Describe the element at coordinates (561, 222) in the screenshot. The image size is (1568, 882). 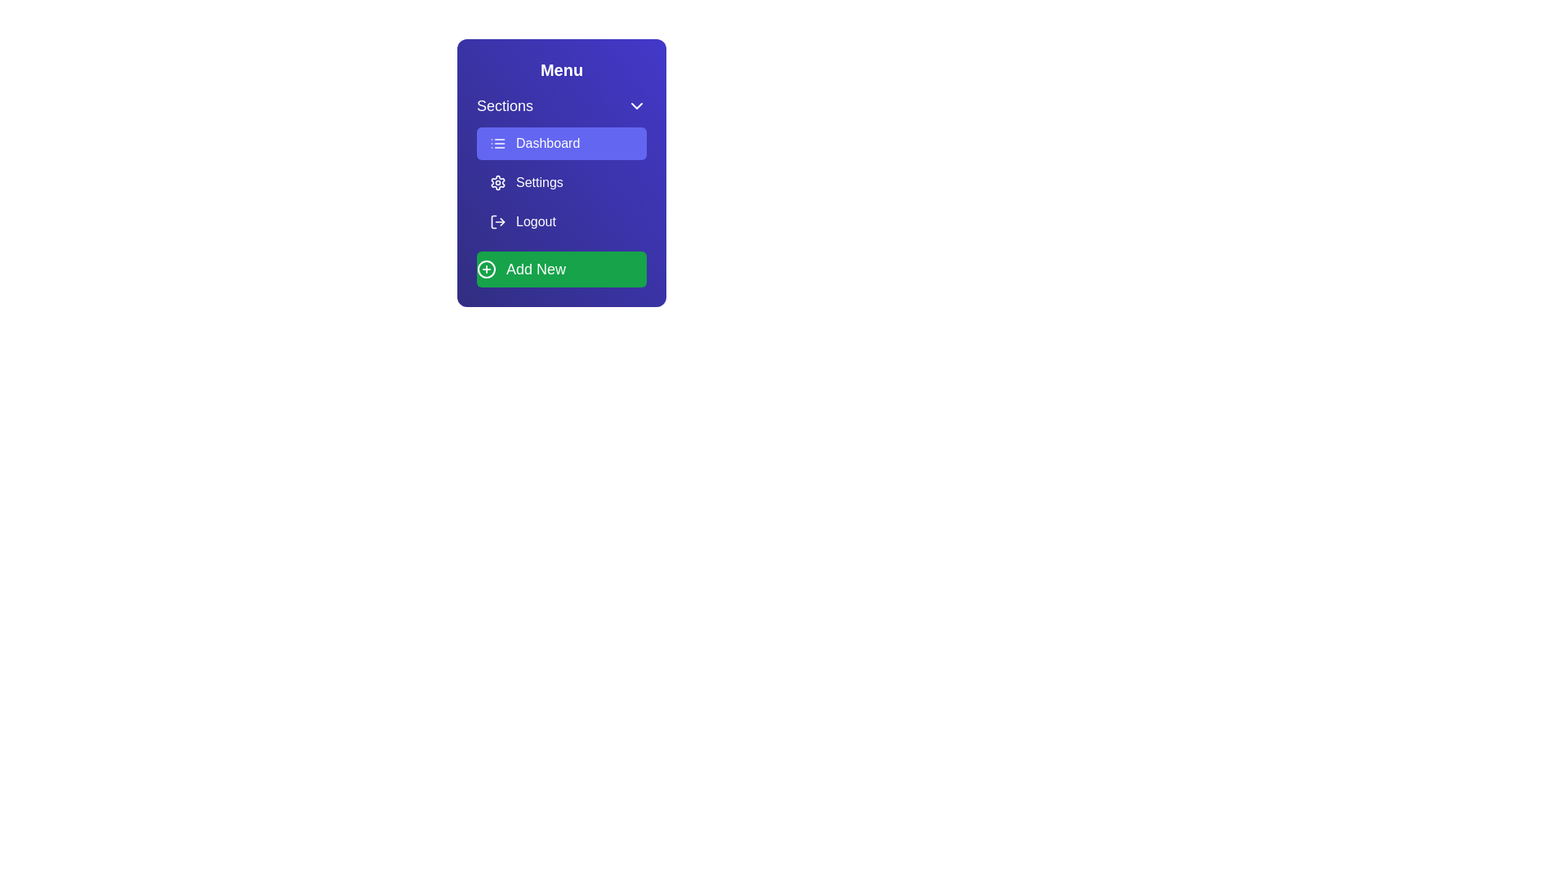
I see `the menu item Logout` at that location.